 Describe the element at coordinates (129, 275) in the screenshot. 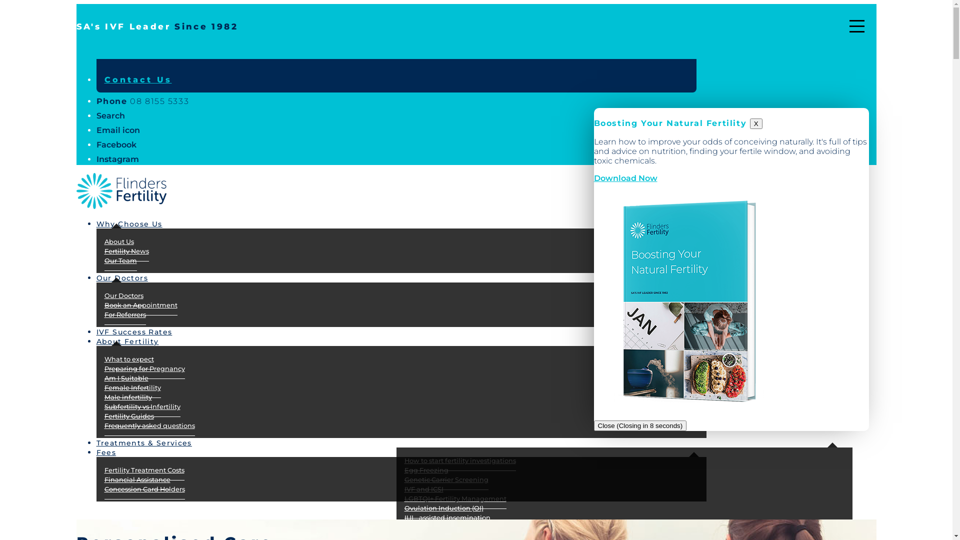

I see `'Our Doctors'` at that location.